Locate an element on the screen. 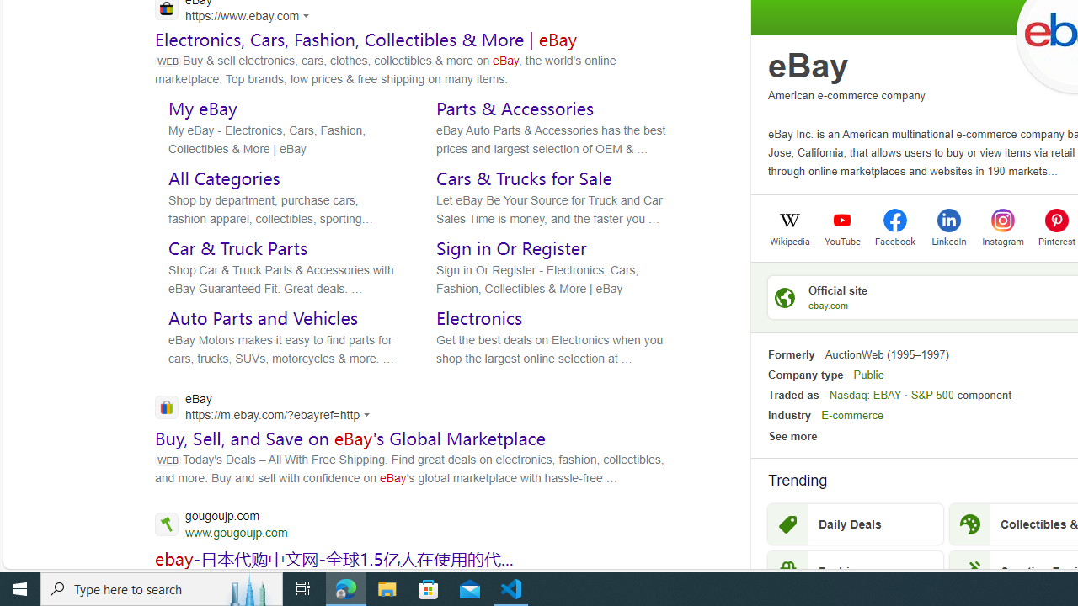 The width and height of the screenshot is (1078, 606). 'YouTube' is located at coordinates (842, 240).